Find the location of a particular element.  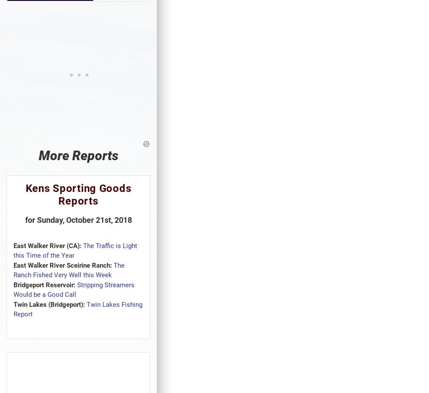

'East Walker River (CA):' is located at coordinates (13, 245).